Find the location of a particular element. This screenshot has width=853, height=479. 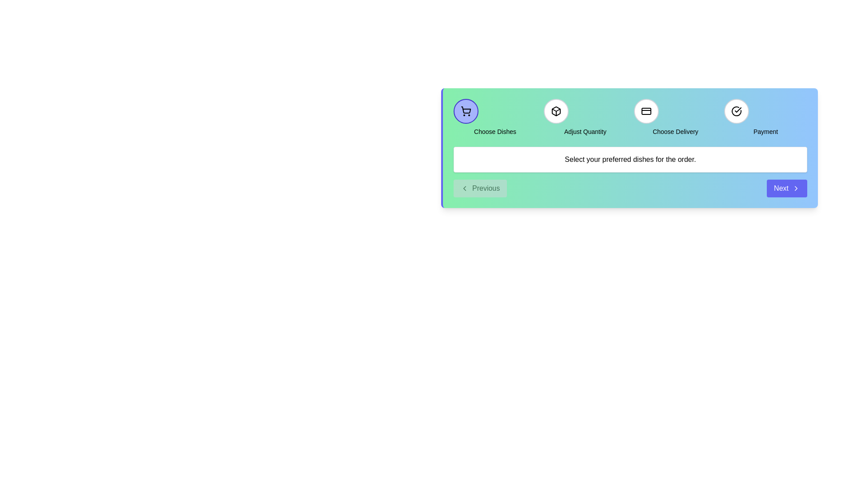

the second circular button with a box icon in the 'Adjust Quantity' section is located at coordinates (556, 110).